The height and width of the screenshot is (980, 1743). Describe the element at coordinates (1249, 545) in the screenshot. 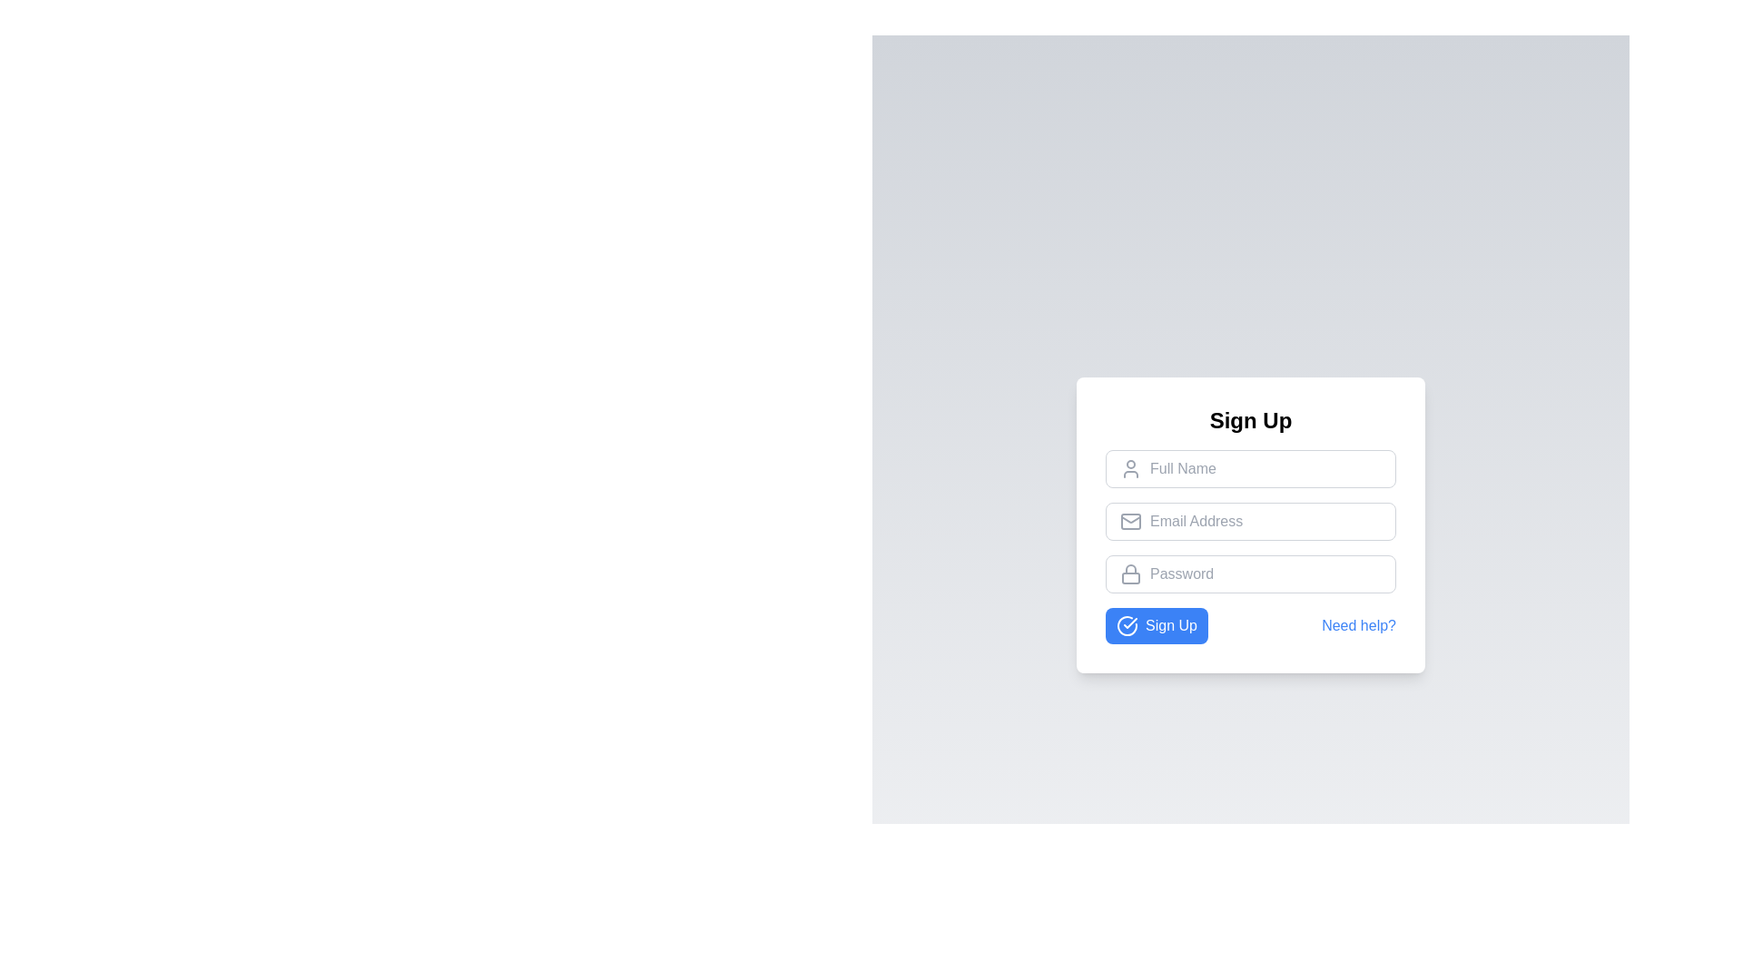

I see `the input fields of the Form input group labeled 'Full Name', 'Email Address', and 'Password' to focus on them` at that location.